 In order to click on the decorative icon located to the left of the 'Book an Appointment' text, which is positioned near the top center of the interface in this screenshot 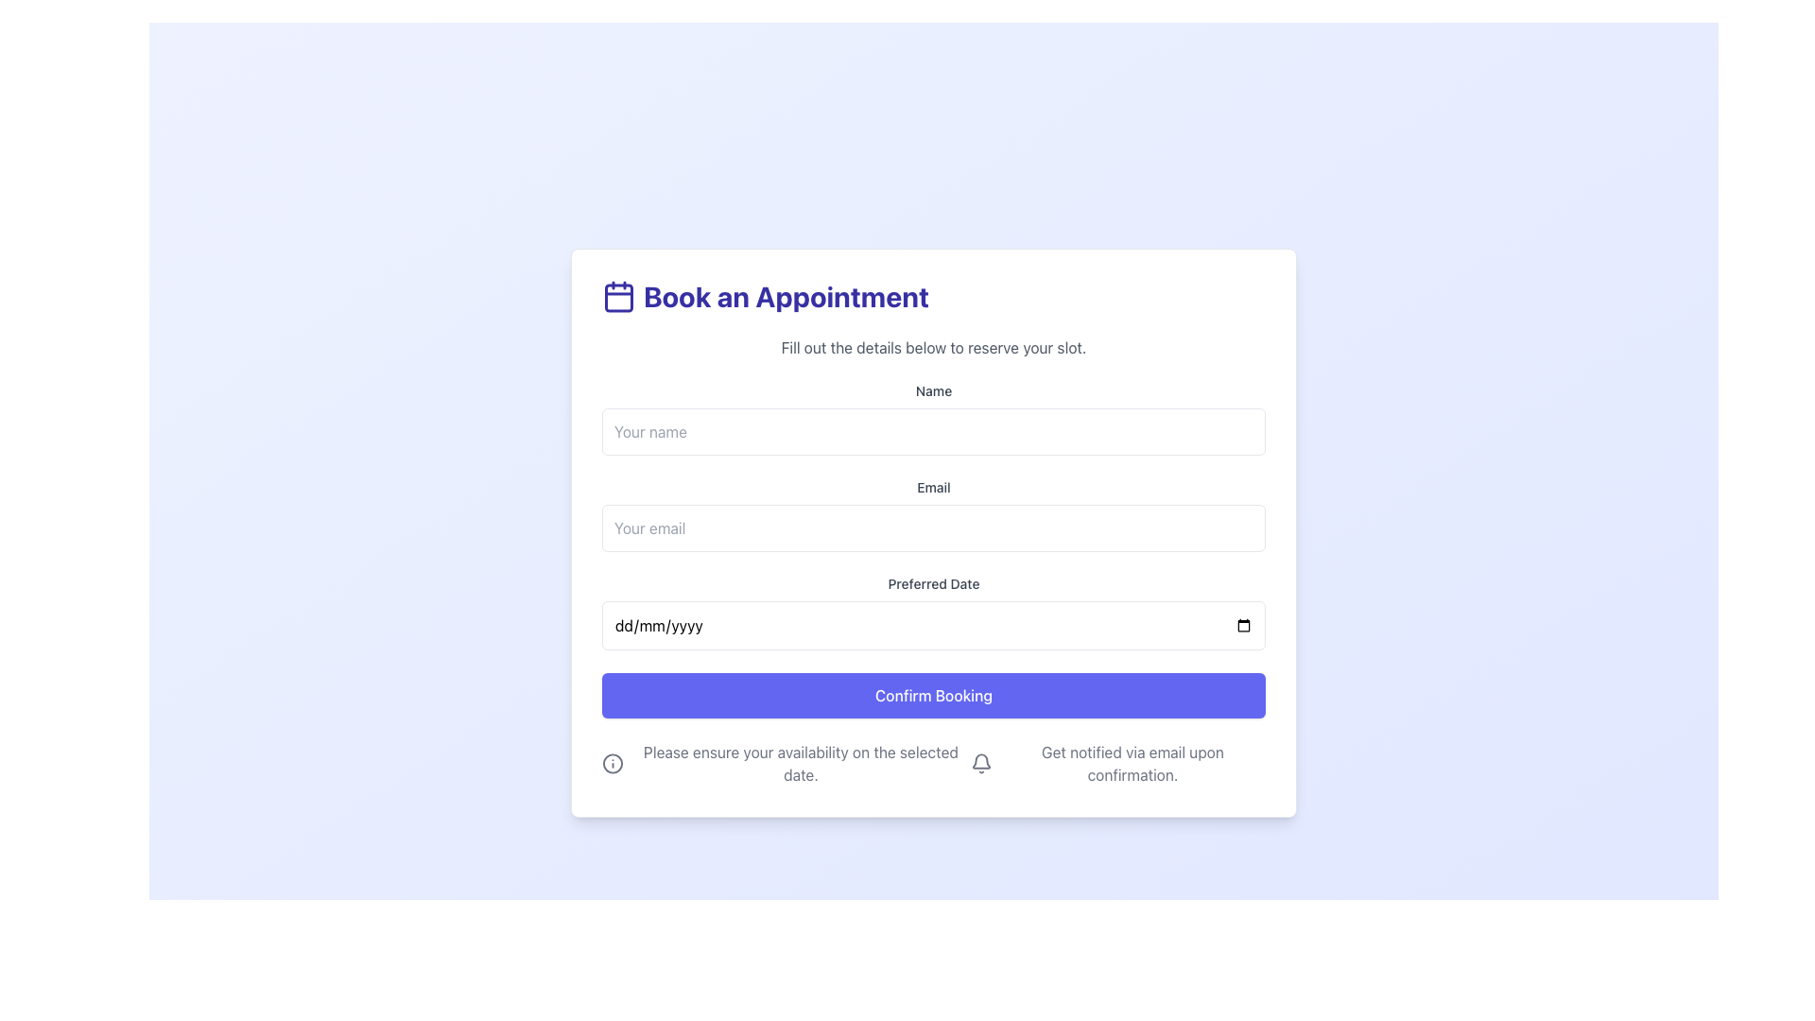, I will do `click(618, 296)`.